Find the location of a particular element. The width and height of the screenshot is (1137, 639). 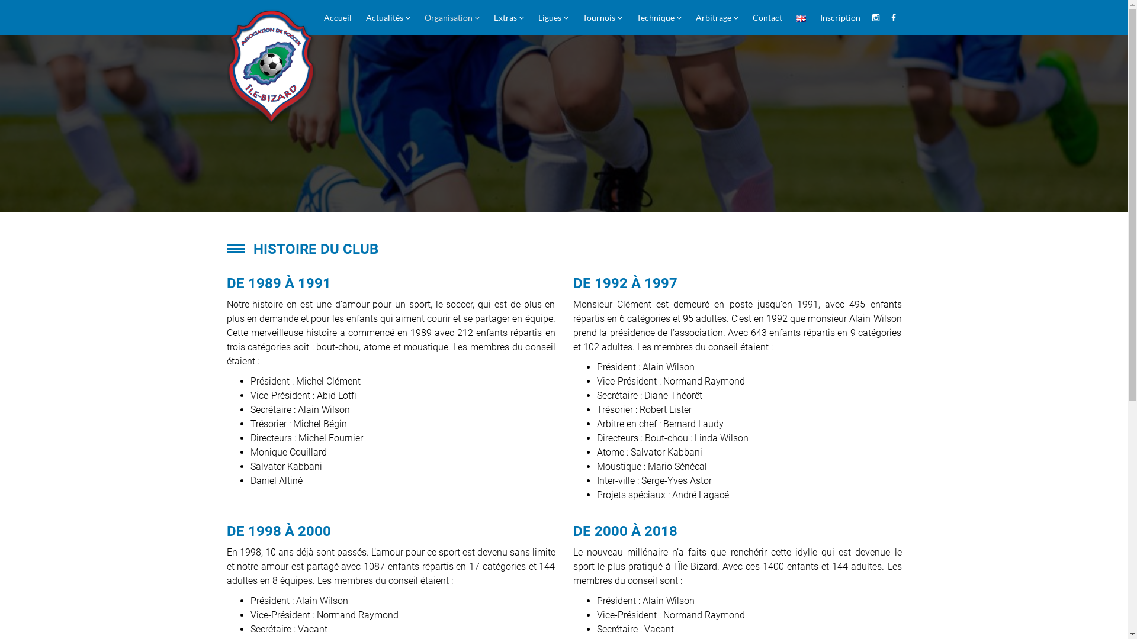

'Technique' is located at coordinates (658, 18).